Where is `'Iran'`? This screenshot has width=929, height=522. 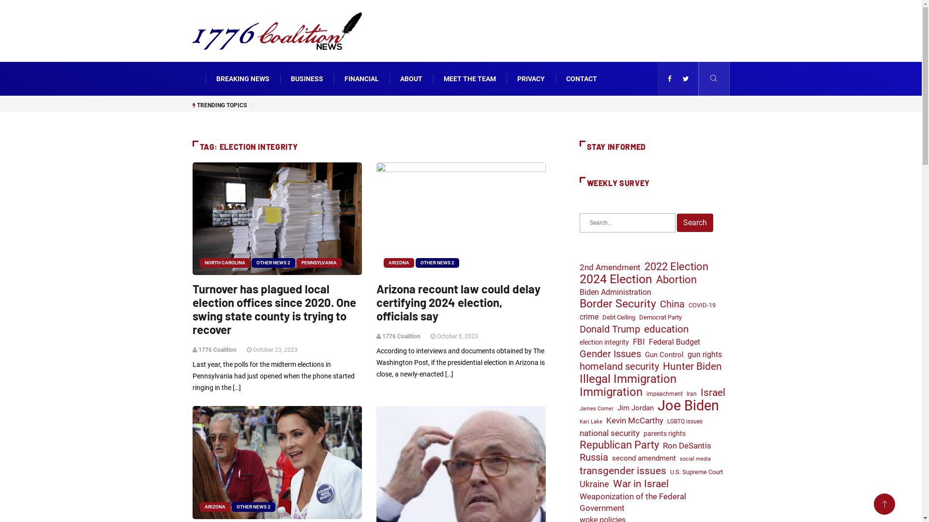 'Iran' is located at coordinates (690, 393).